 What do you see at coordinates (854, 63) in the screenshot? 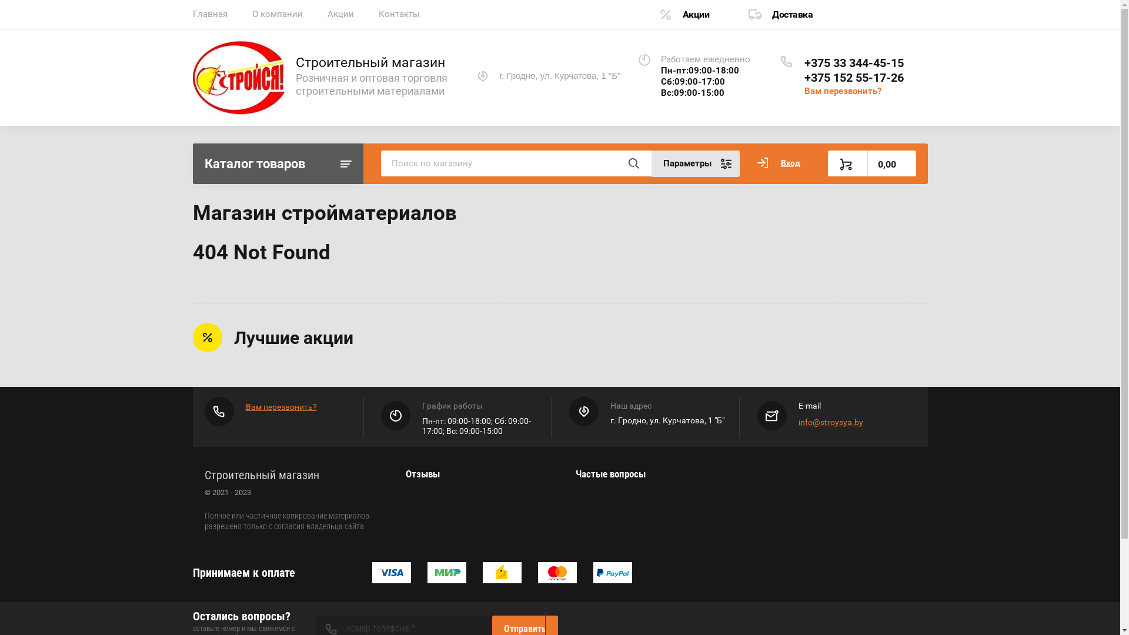
I see `'+375 33 344-45-15'` at bounding box center [854, 63].